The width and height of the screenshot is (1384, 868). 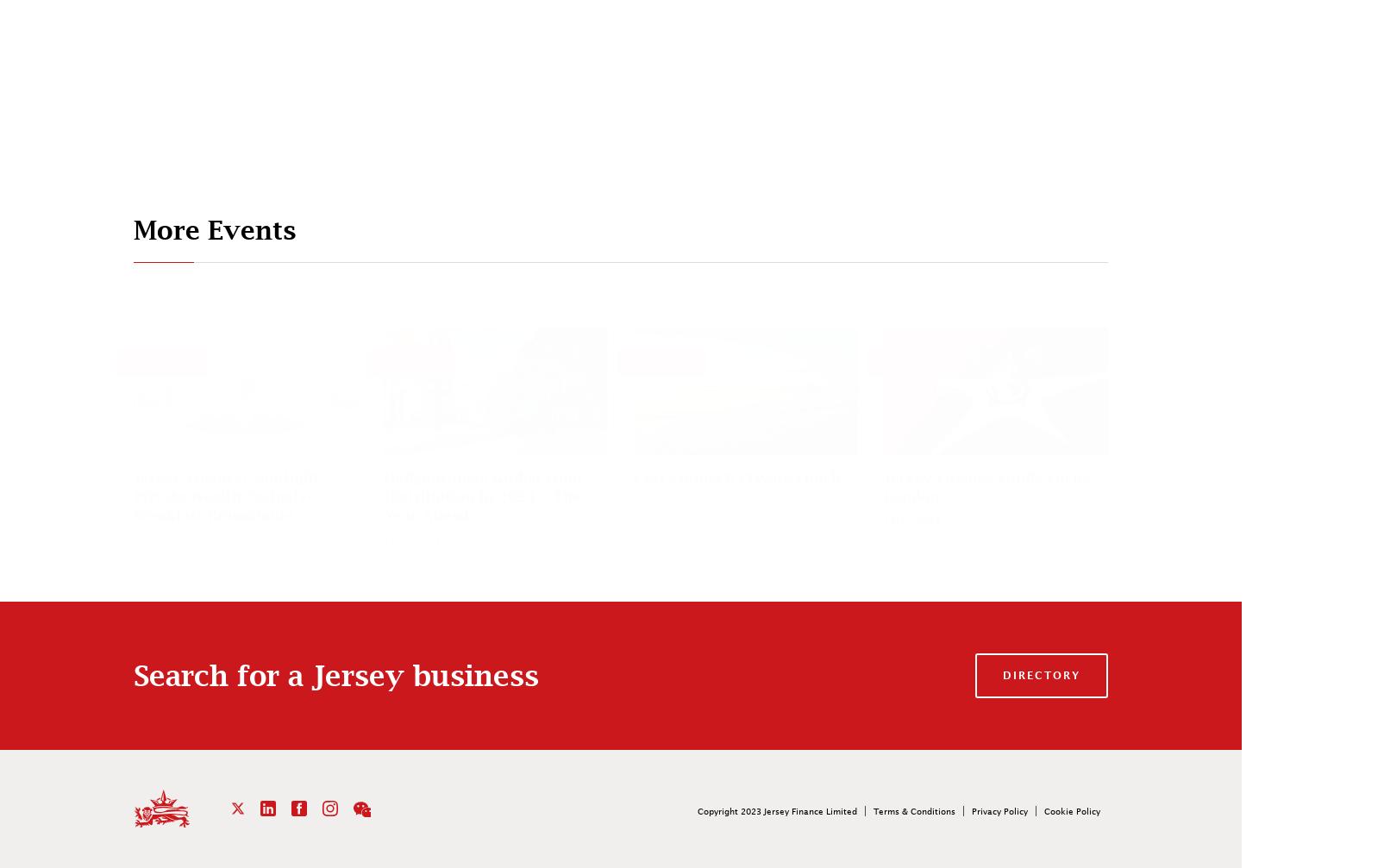 What do you see at coordinates (225, 495) in the screenshot?
I see `'Jersey Finance: Spotlight Private Wealth Exclusive Breakfast Roundtable'` at bounding box center [225, 495].